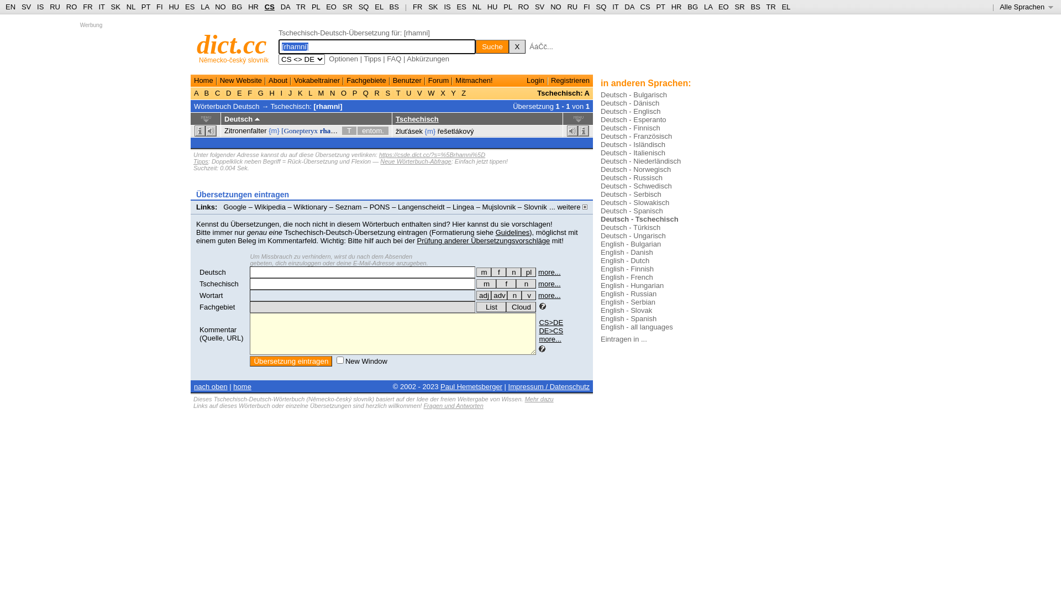 The image size is (1061, 597). I want to click on 'Deutsch - Russisch', so click(631, 177).